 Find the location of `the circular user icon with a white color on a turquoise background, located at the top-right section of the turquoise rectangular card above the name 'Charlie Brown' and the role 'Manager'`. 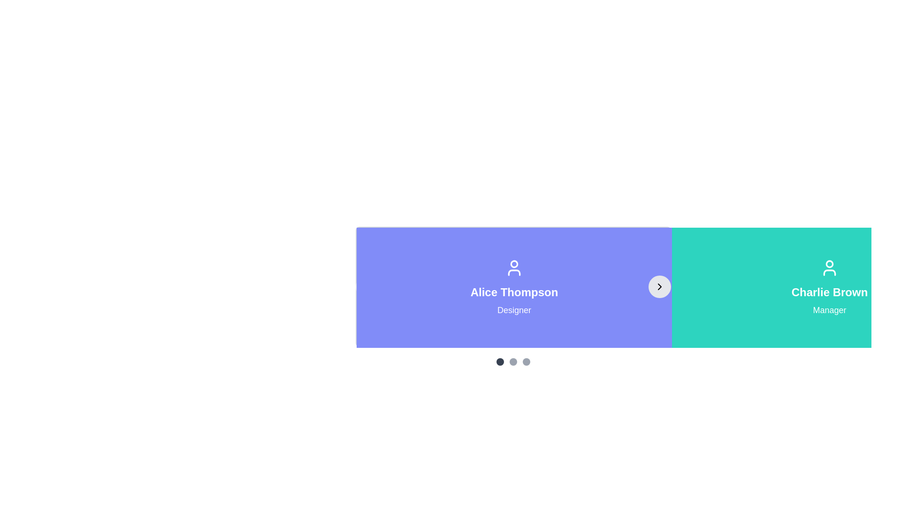

the circular user icon with a white color on a turquoise background, located at the top-right section of the turquoise rectangular card above the name 'Charlie Brown' and the role 'Manager' is located at coordinates (829, 268).